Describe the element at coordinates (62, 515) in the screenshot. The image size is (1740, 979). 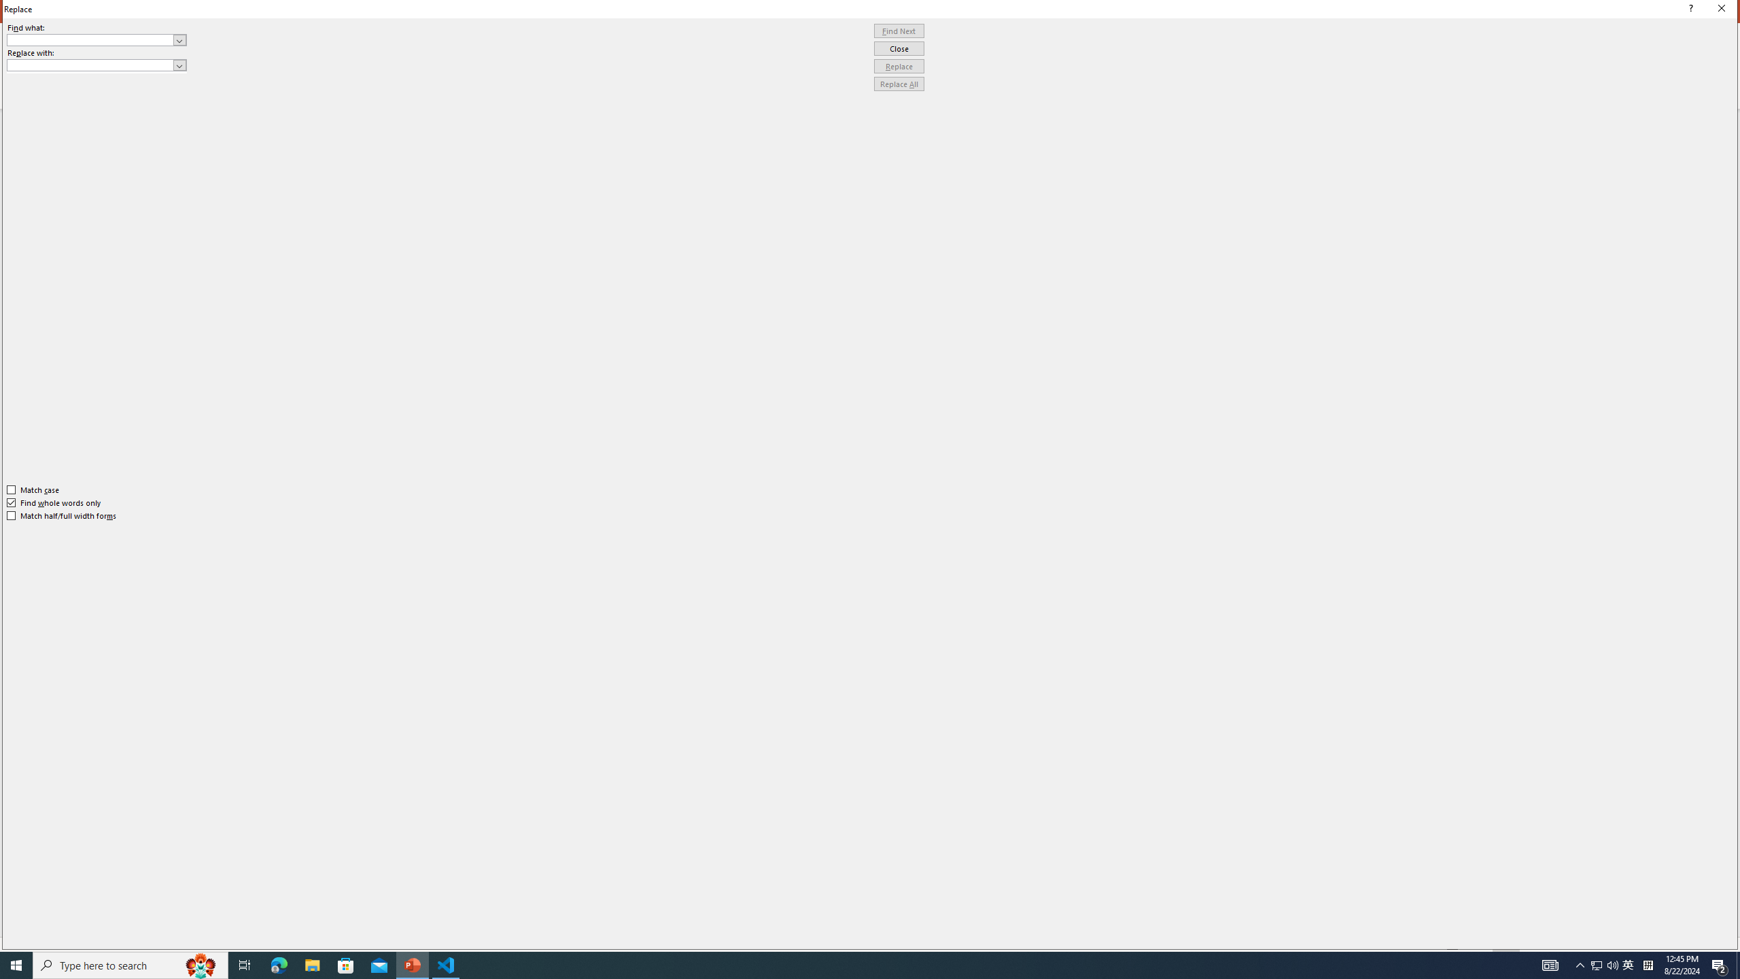
I see `'Match half/full width forms'` at that location.